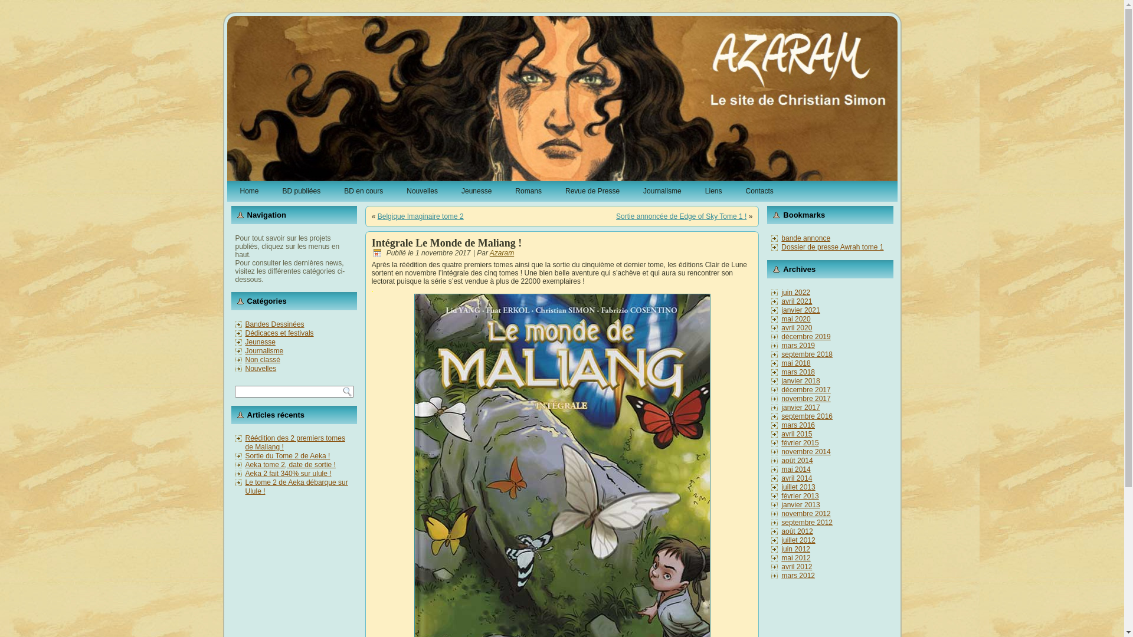 The width and height of the screenshot is (1133, 637). Describe the element at coordinates (796, 478) in the screenshot. I see `'avril 2014'` at that location.